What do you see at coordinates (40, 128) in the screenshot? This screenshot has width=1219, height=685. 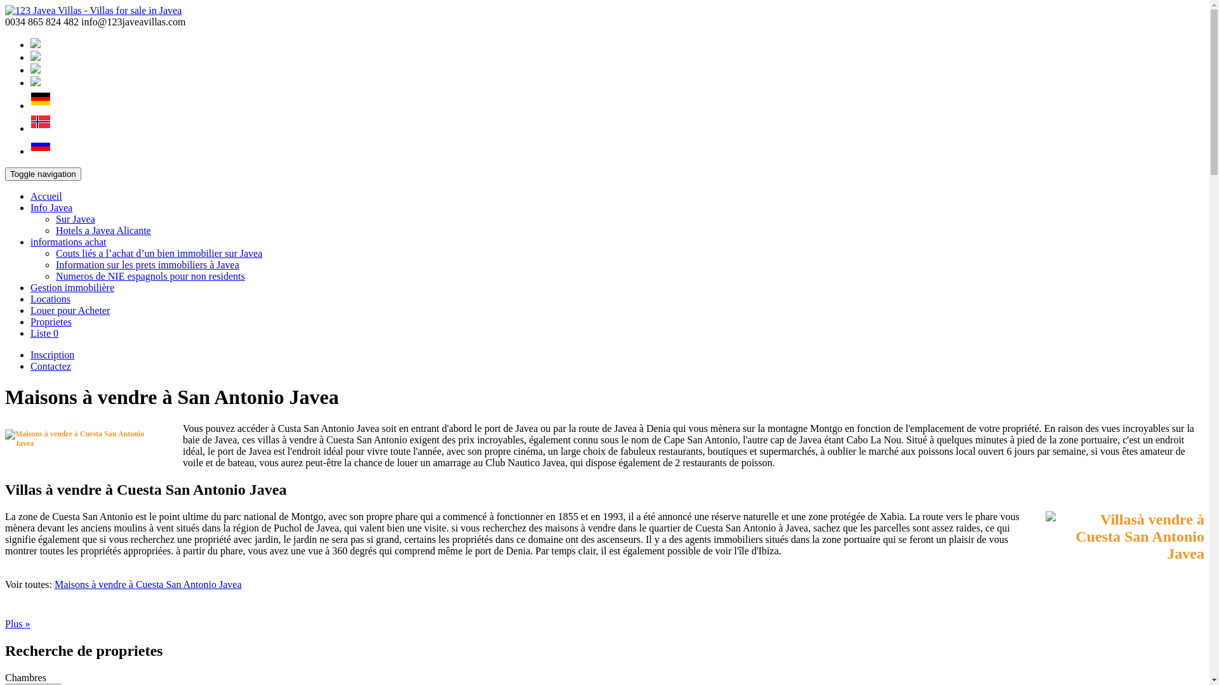 I see `'Norwegian'` at bounding box center [40, 128].